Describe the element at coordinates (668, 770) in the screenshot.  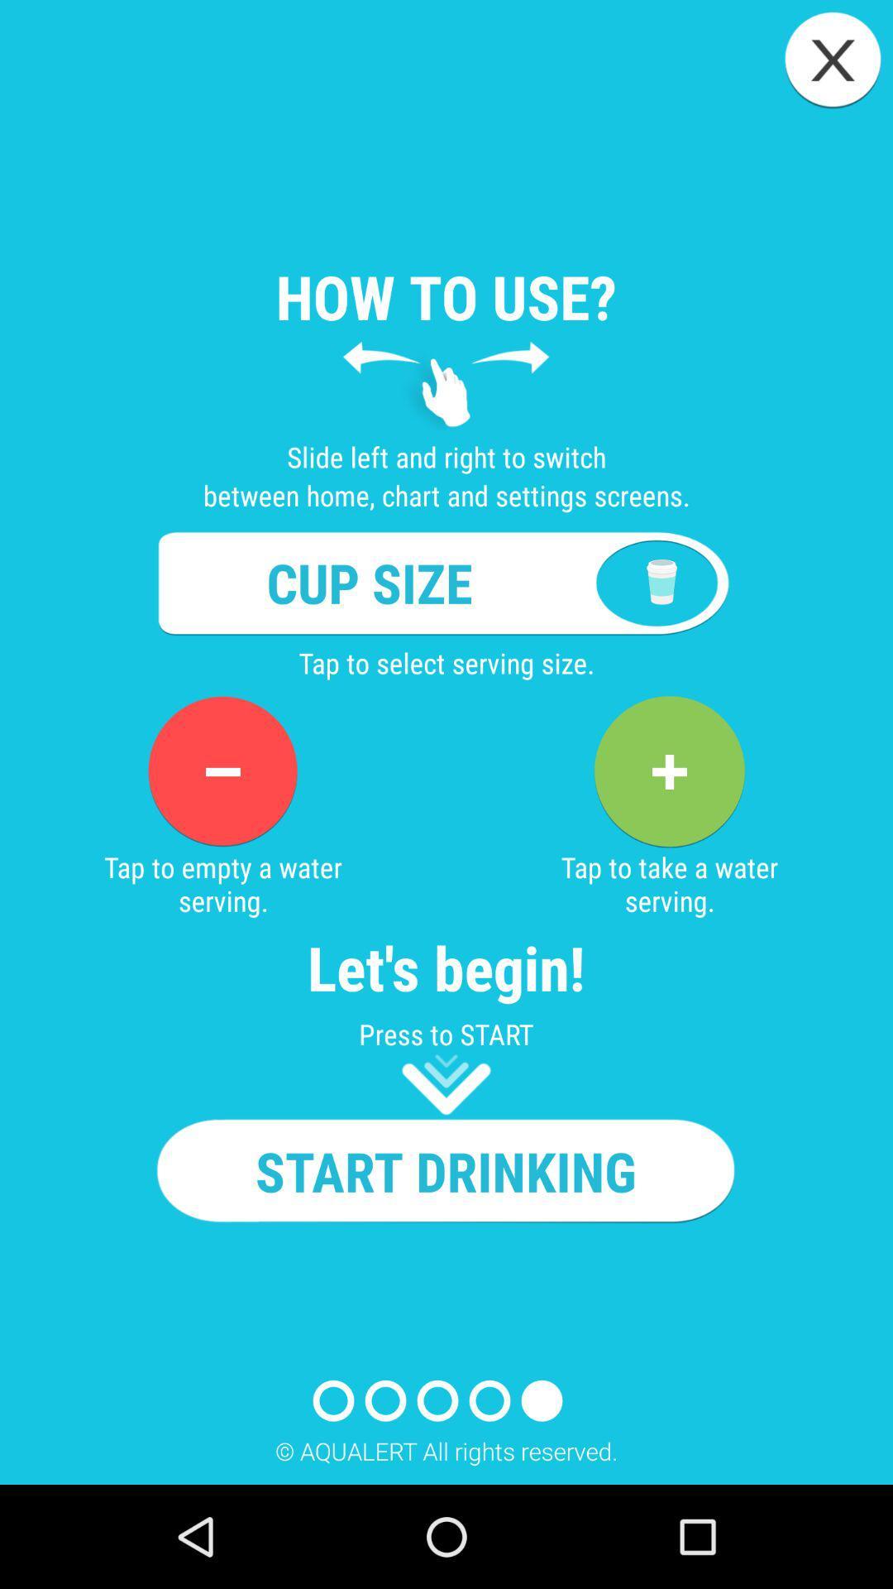
I see `tap to take a water` at that location.